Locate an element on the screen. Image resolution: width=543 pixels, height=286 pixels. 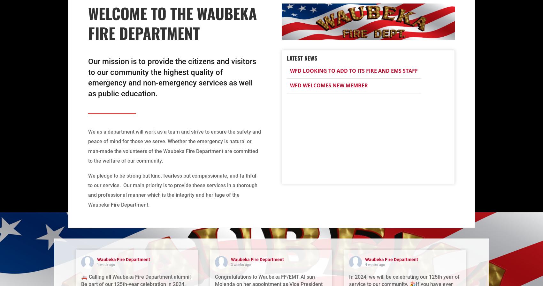
'We as a department will work as a team and strive to ensure the safety and peace of mind for those we serve. Whether the emergency is natural or man-made the volunteers of the Waubeka Fire Department are committed to the welfare of our community.' is located at coordinates (174, 146).